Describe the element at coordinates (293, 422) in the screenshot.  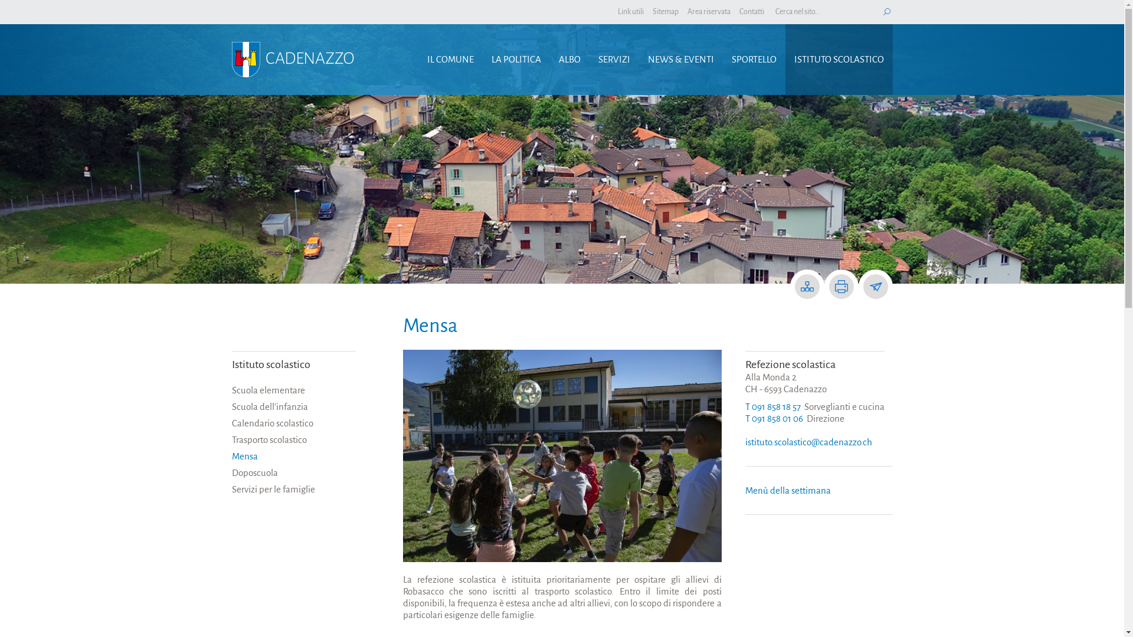
I see `'Calendario scolastico'` at that location.